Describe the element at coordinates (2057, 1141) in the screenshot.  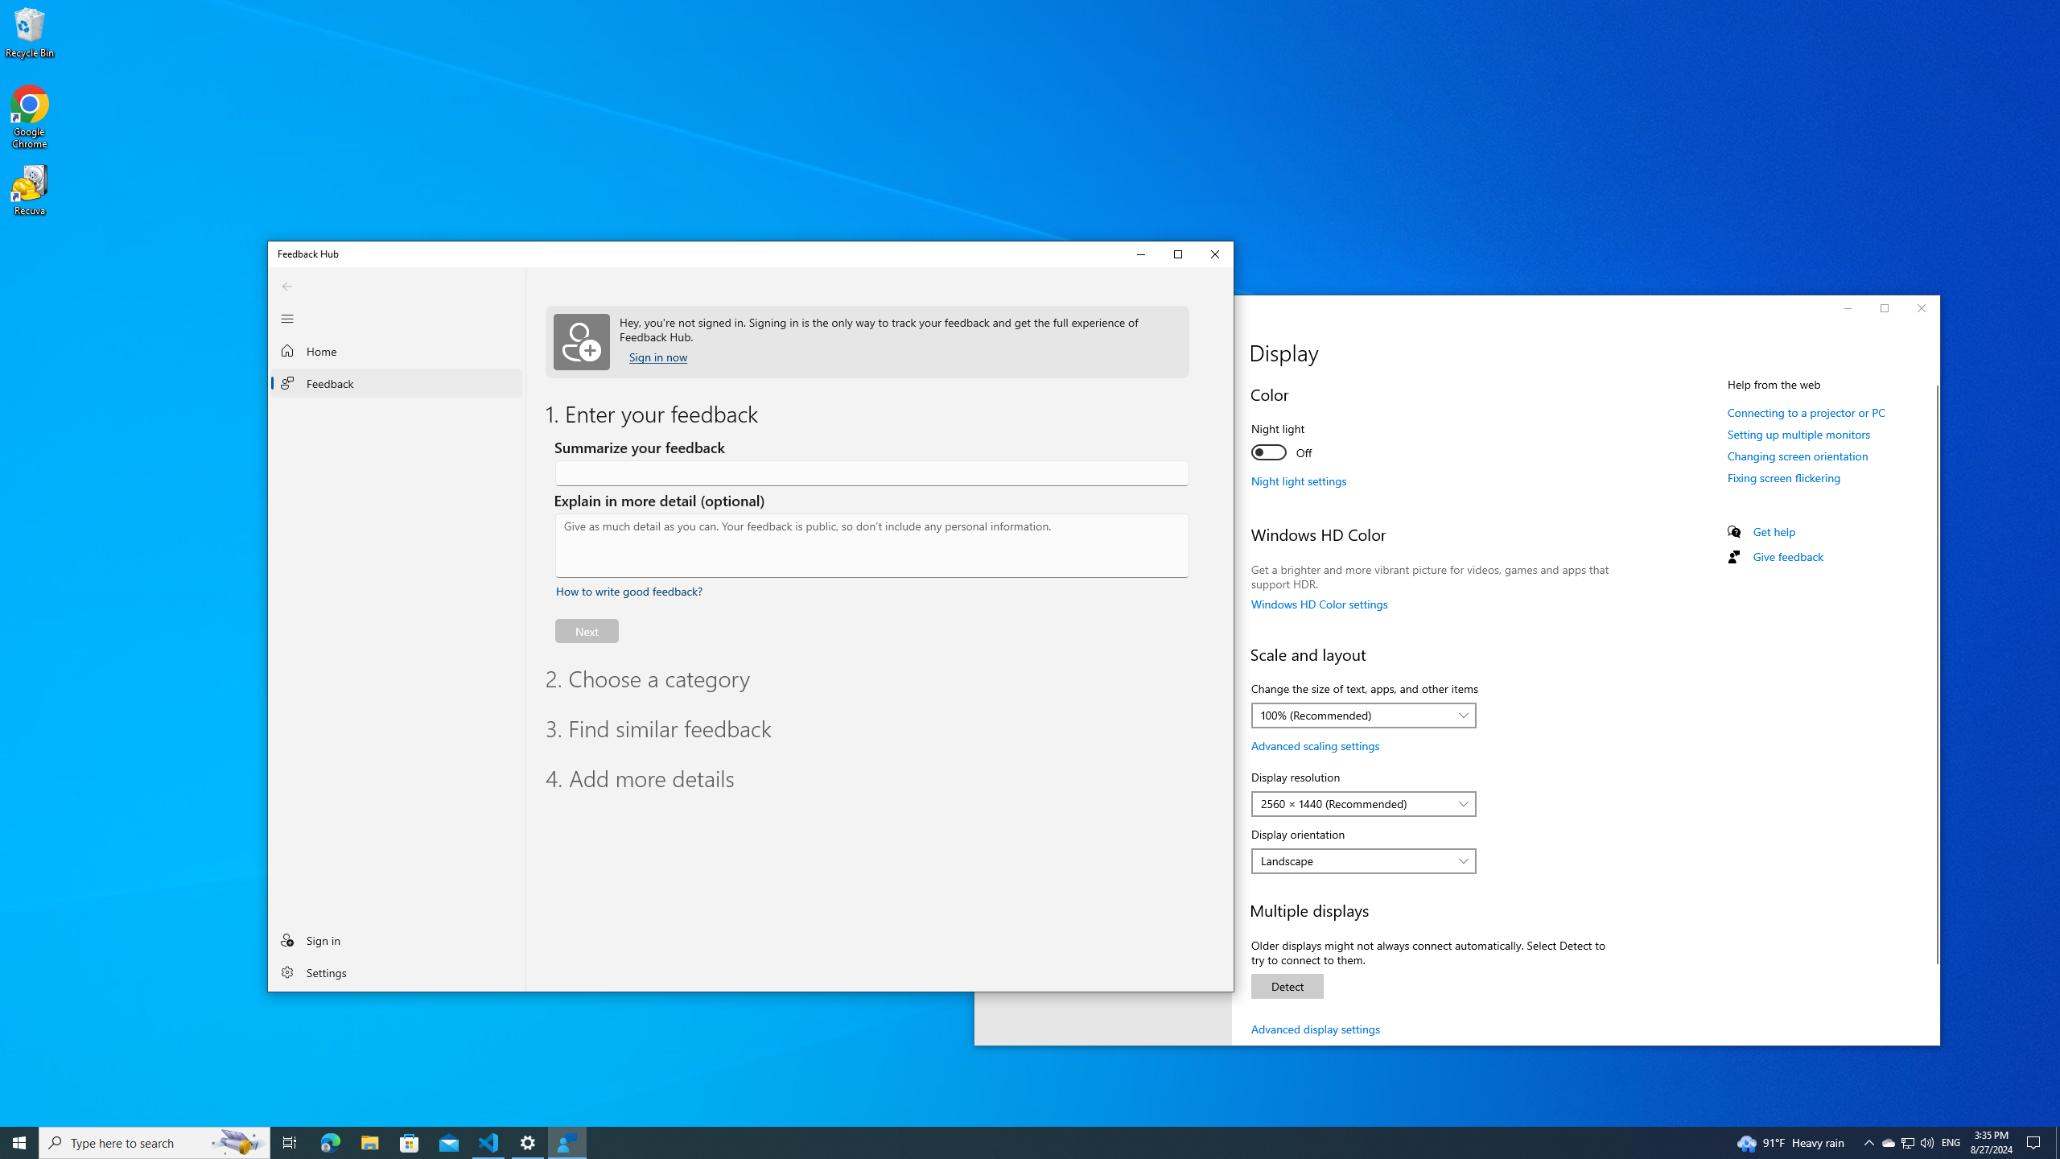
I see `'Show desktop'` at that location.